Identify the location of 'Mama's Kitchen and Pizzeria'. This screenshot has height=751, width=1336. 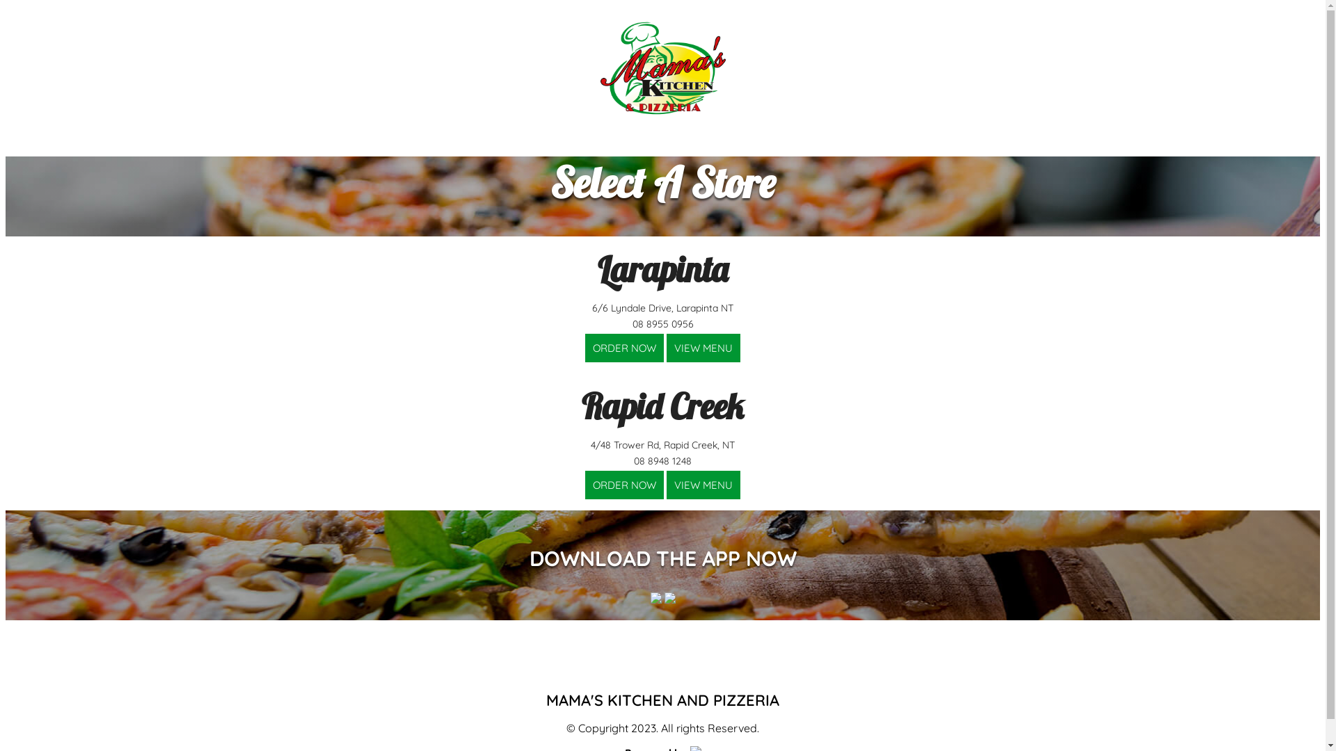
(661, 67).